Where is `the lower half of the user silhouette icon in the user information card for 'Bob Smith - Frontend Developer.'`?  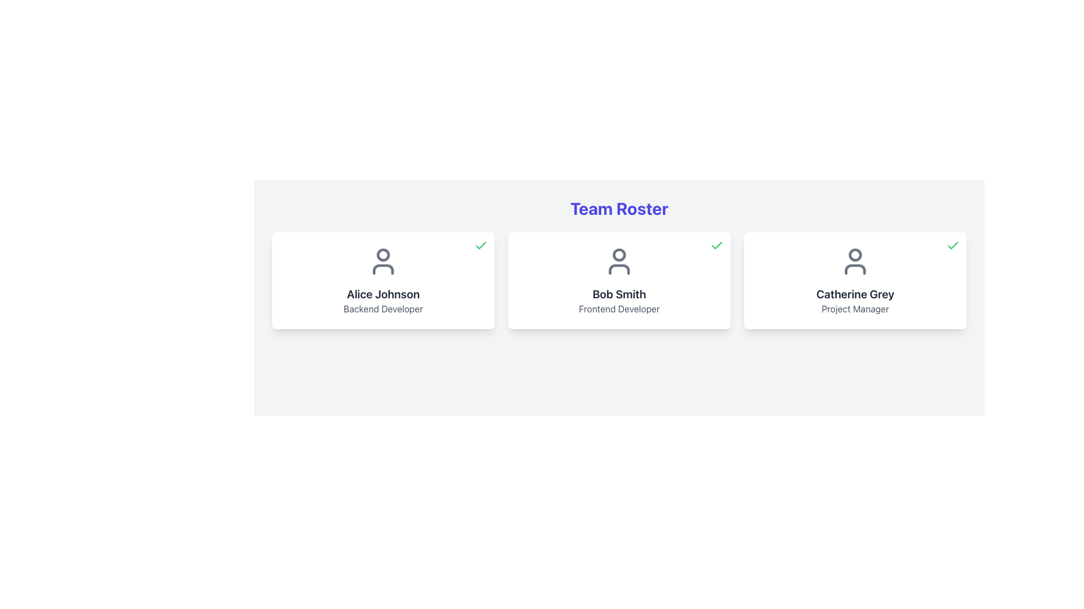
the lower half of the user silhouette icon in the user information card for 'Bob Smith - Frontend Developer.' is located at coordinates (619, 270).